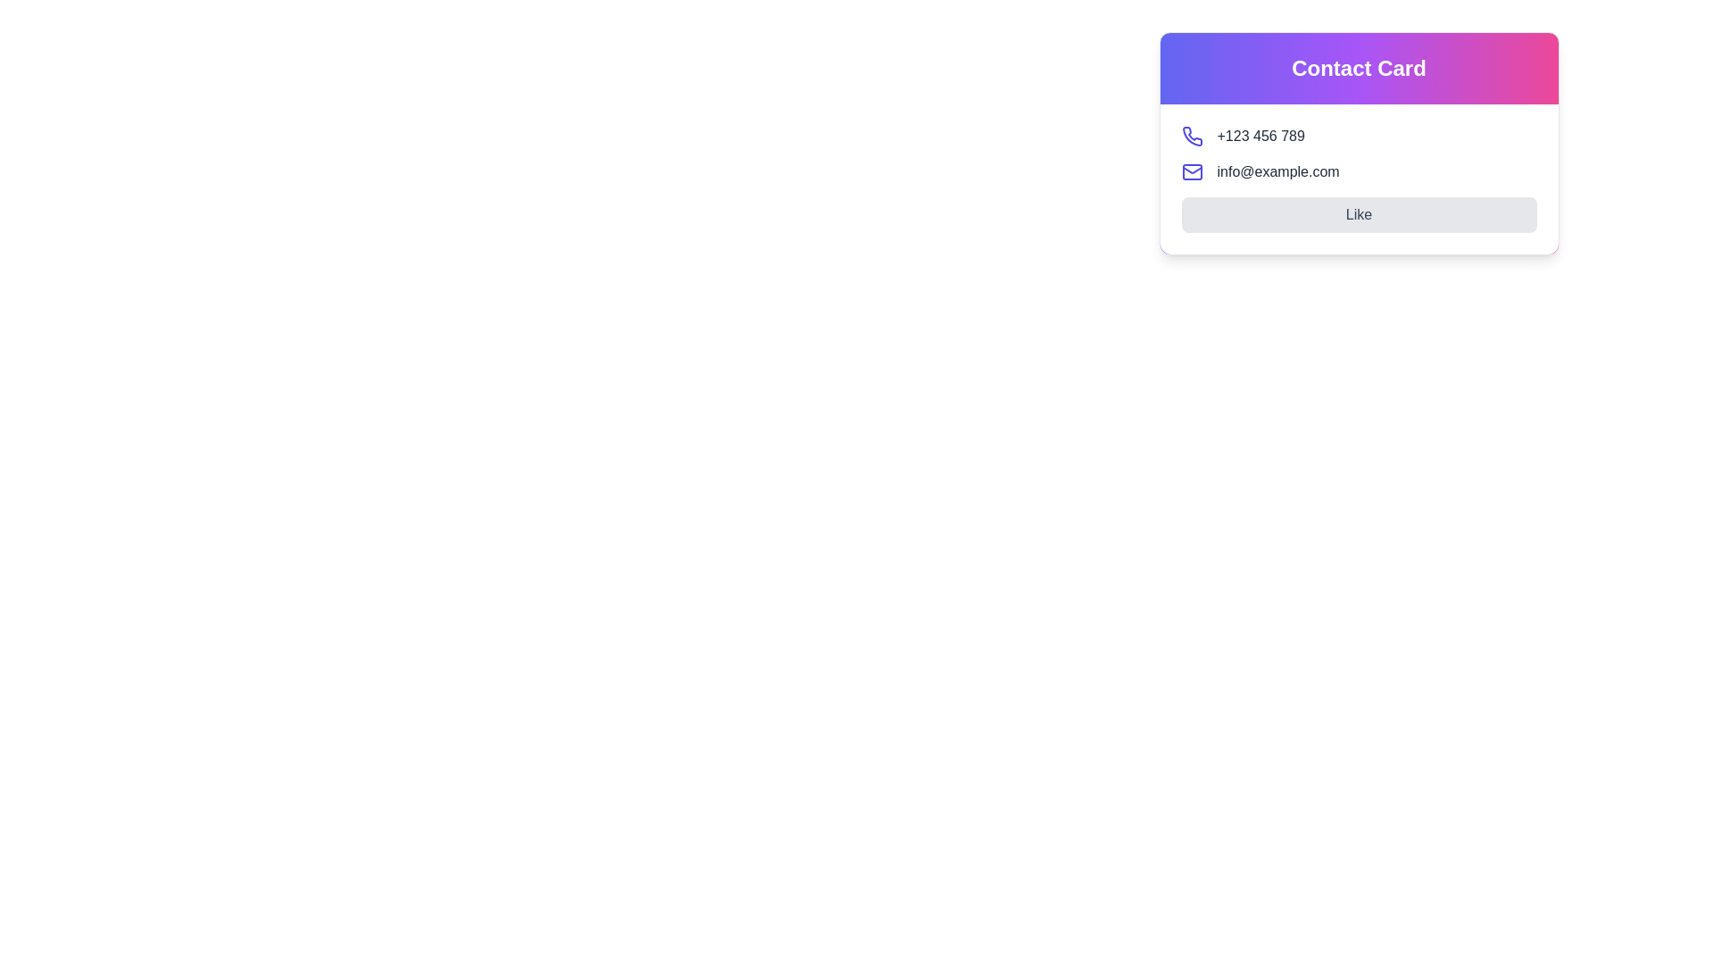 This screenshot has width=1714, height=964. What do you see at coordinates (1192, 171) in the screenshot?
I see `the email icon that visually represents email functionality, located to the left of the text 'info@example.com' in the middle of the card` at bounding box center [1192, 171].